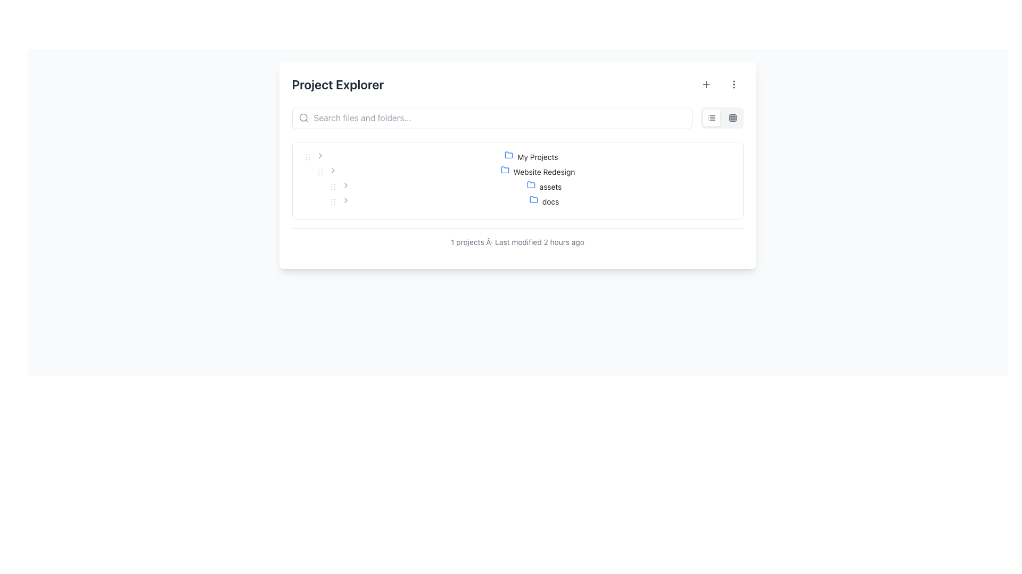  Describe the element at coordinates (544, 171) in the screenshot. I see `the text label displaying 'Website Redesign' associated with the folder icon` at that location.